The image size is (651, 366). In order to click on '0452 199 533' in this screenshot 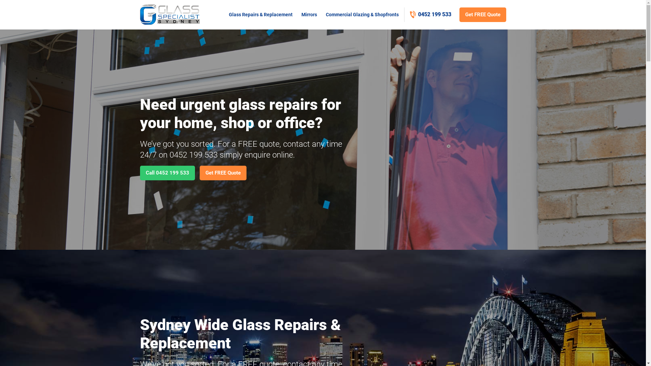, I will do `click(430, 14)`.